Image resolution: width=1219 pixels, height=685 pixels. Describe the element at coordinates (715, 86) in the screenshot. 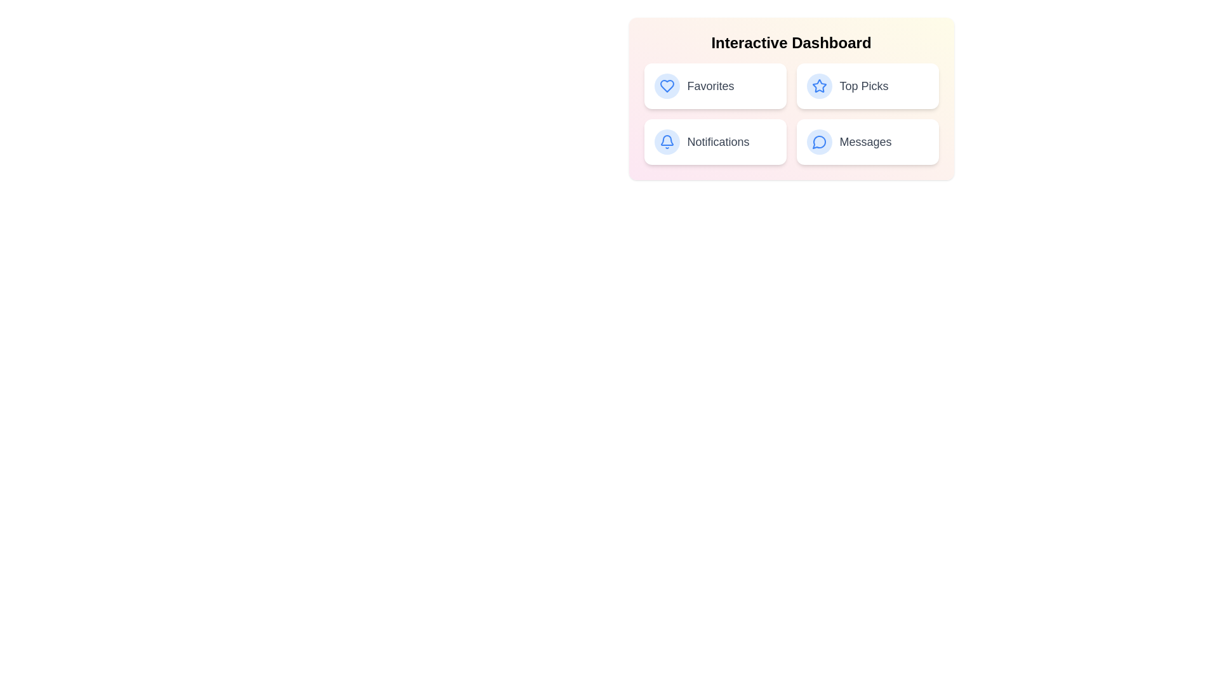

I see `the 'Favorites' button to view favorites` at that location.